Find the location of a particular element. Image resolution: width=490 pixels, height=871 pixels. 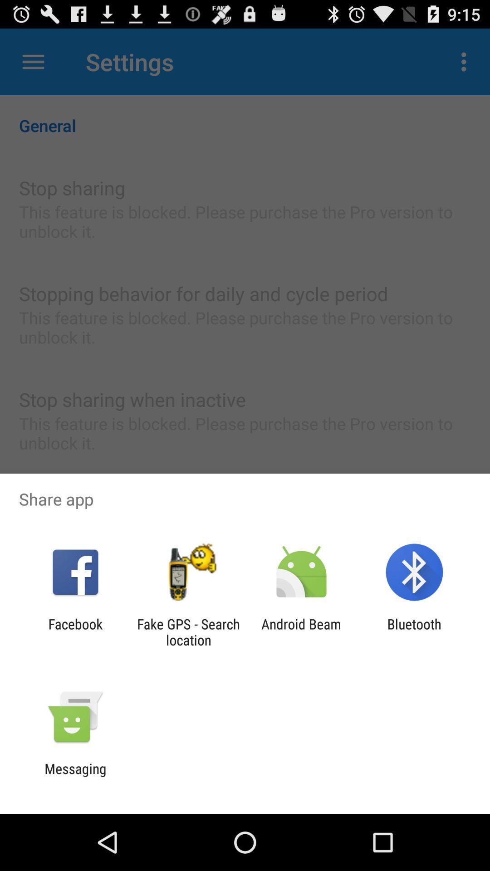

the item to the left of bluetooth app is located at coordinates (301, 631).